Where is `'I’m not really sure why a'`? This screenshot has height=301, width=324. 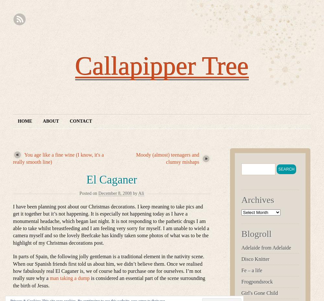 'I’m not really sure why a' is located at coordinates (13, 274).